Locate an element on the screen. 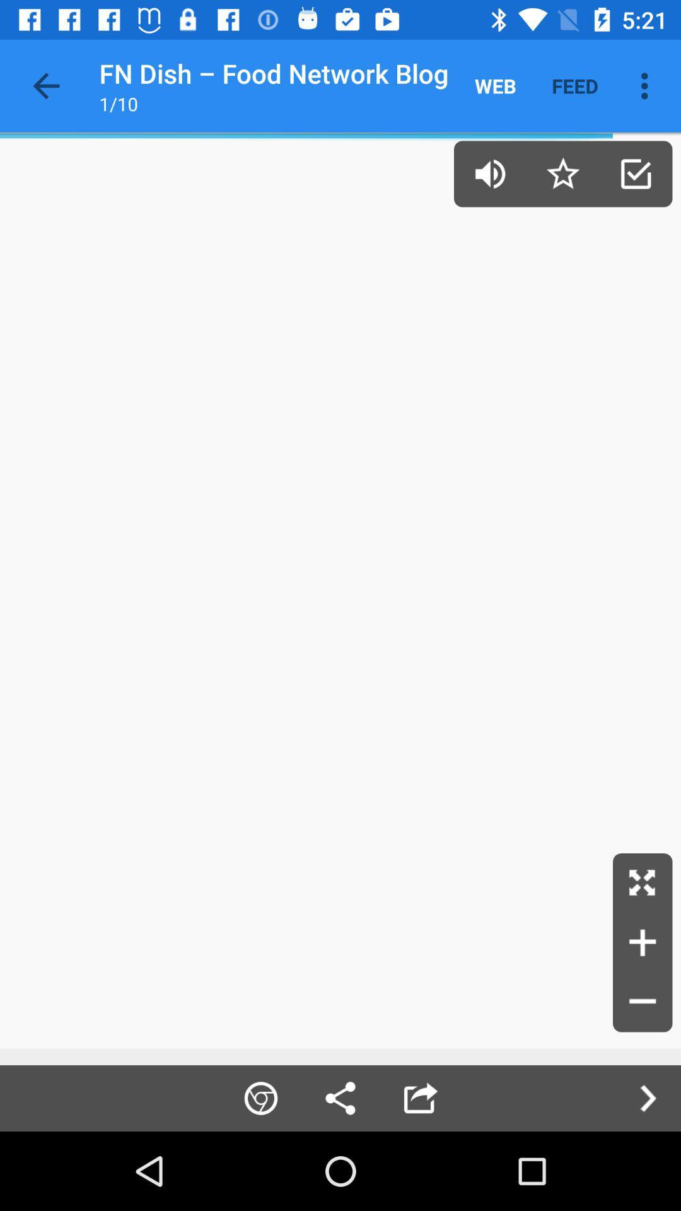 This screenshot has height=1211, width=681. item next to the web is located at coordinates (574, 85).